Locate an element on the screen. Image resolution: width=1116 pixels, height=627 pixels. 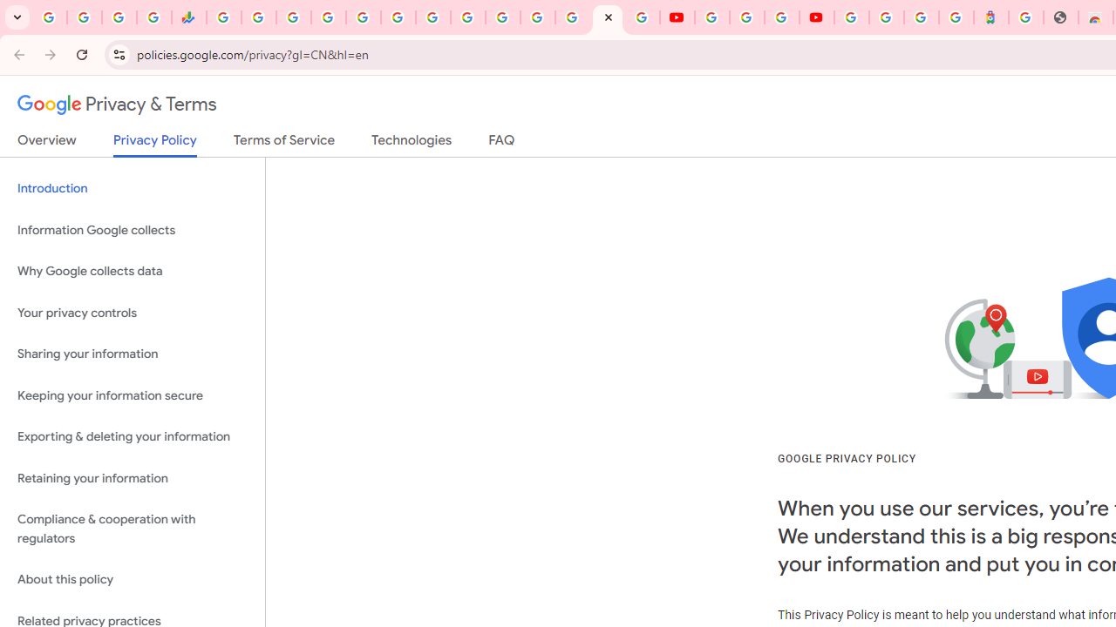
'FAQ' is located at coordinates (501, 143).